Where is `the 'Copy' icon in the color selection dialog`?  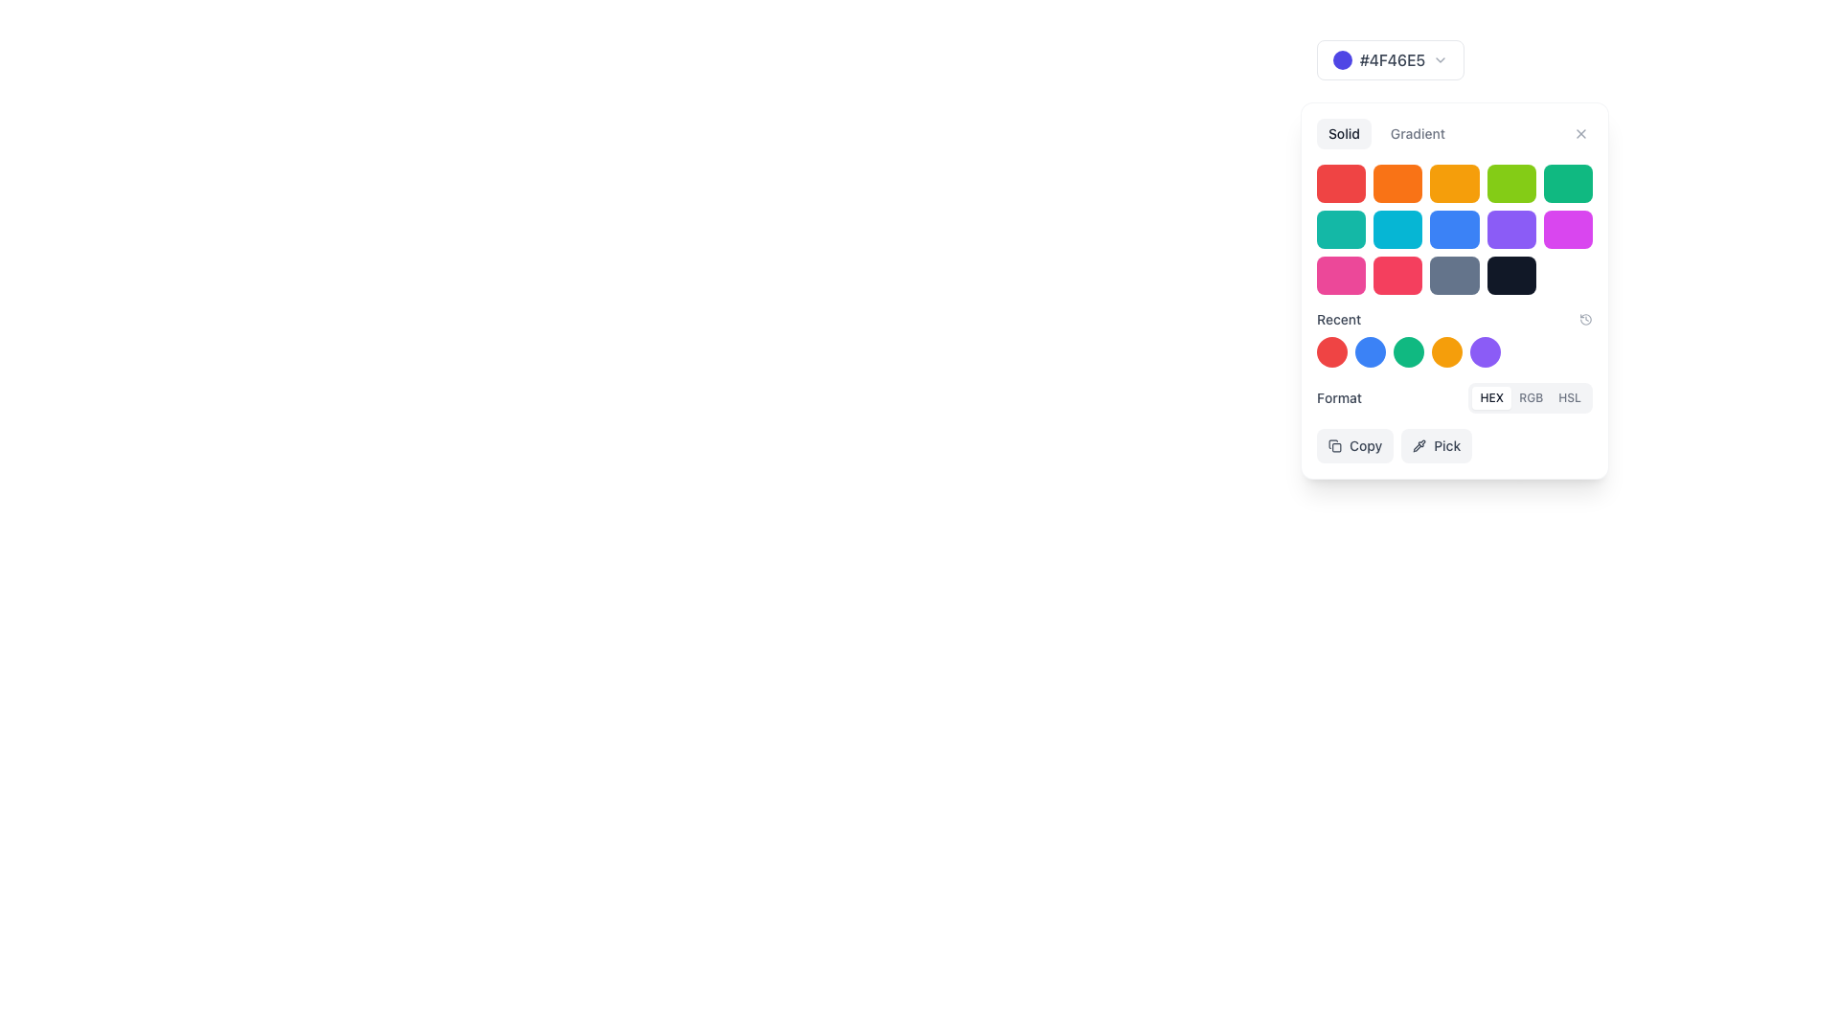
the 'Copy' icon in the color selection dialog is located at coordinates (1333, 446).